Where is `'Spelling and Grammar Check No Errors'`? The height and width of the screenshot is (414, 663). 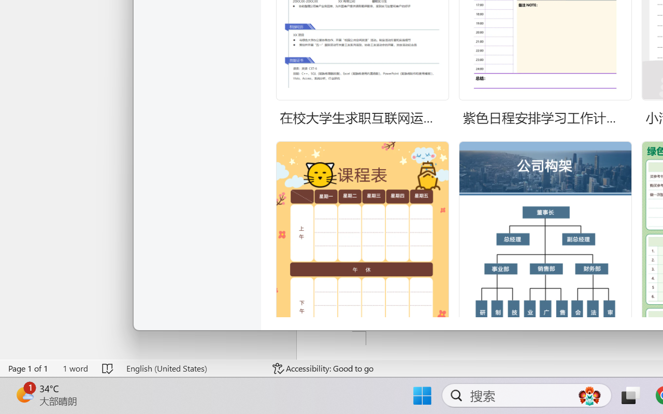 'Spelling and Grammar Check No Errors' is located at coordinates (108, 368).